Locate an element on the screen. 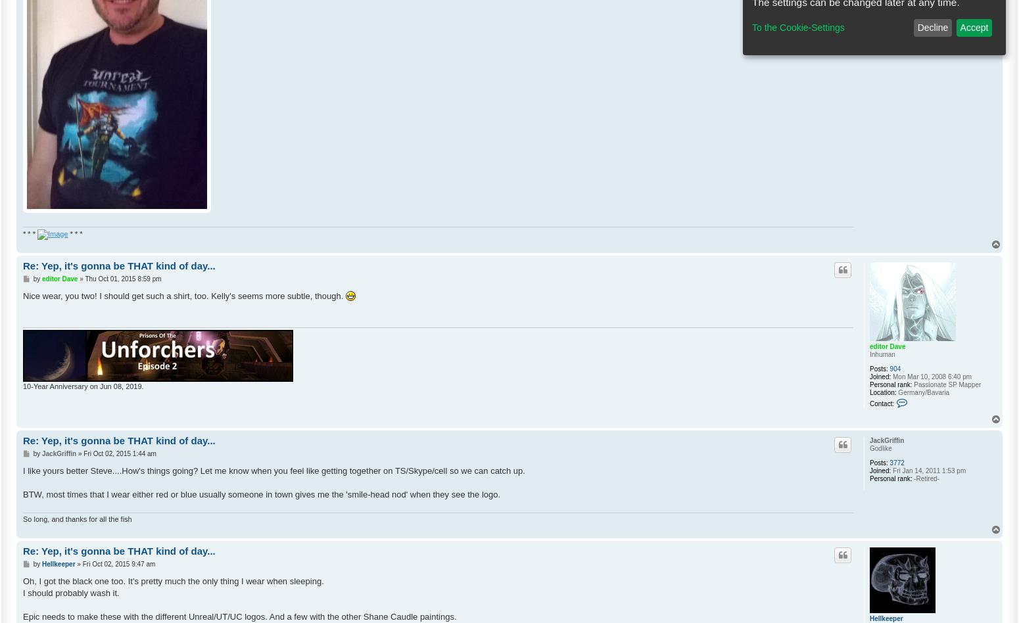 The height and width of the screenshot is (623, 1019). 'I like yours better Steve....How's things going? Let me know when you feel like getting together on TS/Skype/cell so we can catch up.' is located at coordinates (273, 470).